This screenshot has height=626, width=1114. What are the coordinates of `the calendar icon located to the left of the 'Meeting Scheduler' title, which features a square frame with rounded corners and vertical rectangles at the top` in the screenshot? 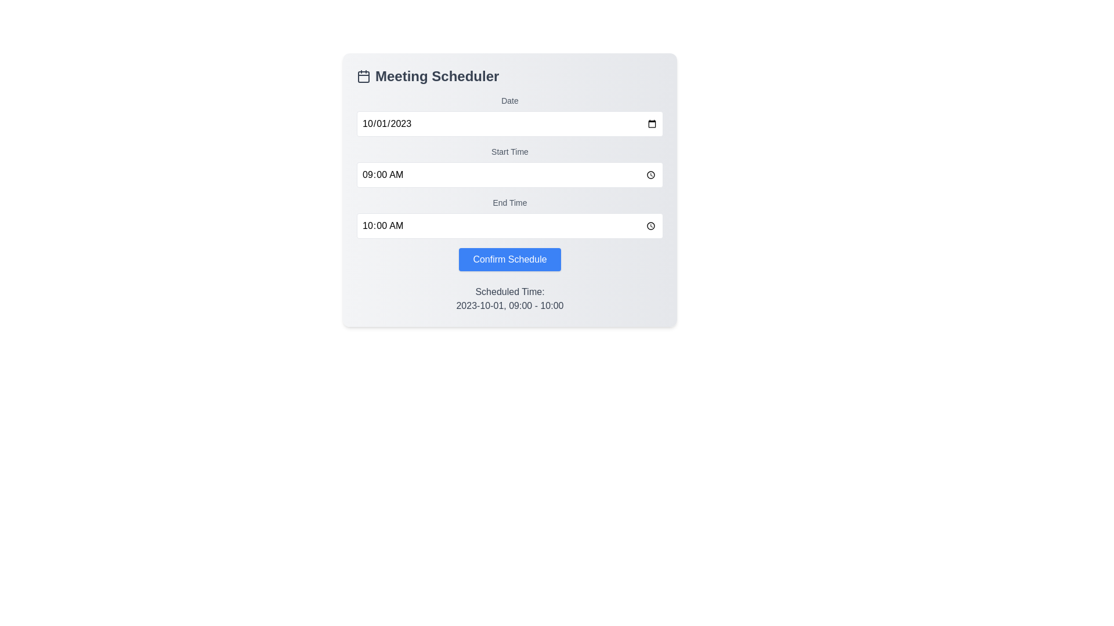 It's located at (363, 76).